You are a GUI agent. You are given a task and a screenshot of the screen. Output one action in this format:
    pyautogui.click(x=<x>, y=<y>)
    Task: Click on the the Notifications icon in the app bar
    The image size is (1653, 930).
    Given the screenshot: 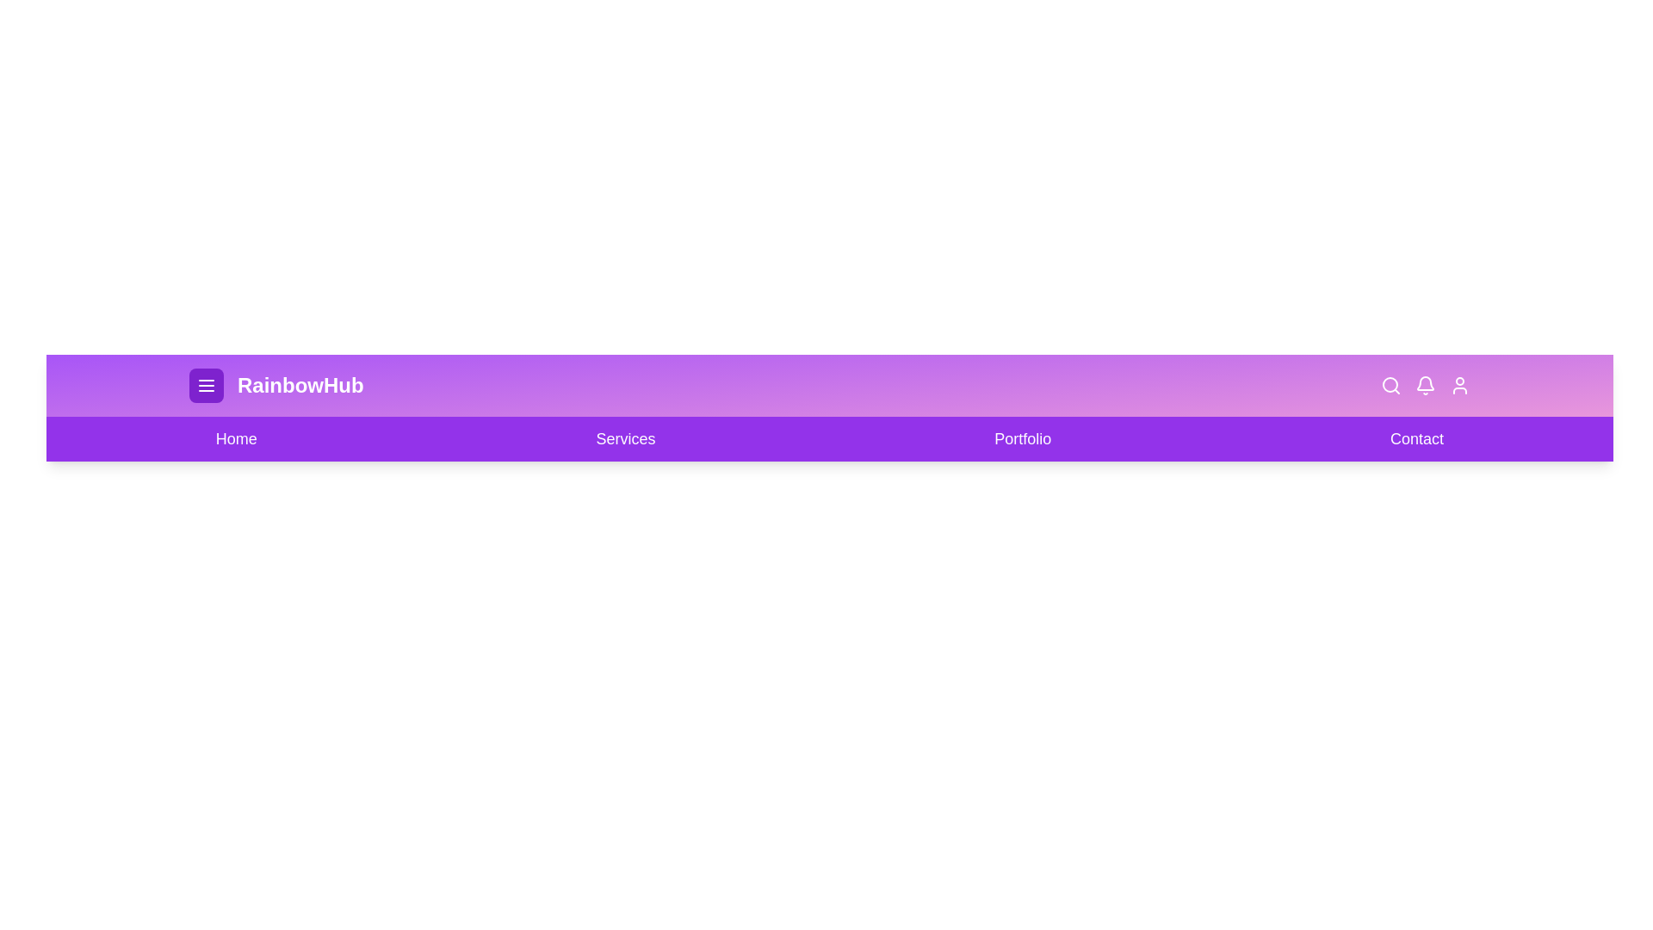 What is the action you would take?
    pyautogui.click(x=1426, y=384)
    